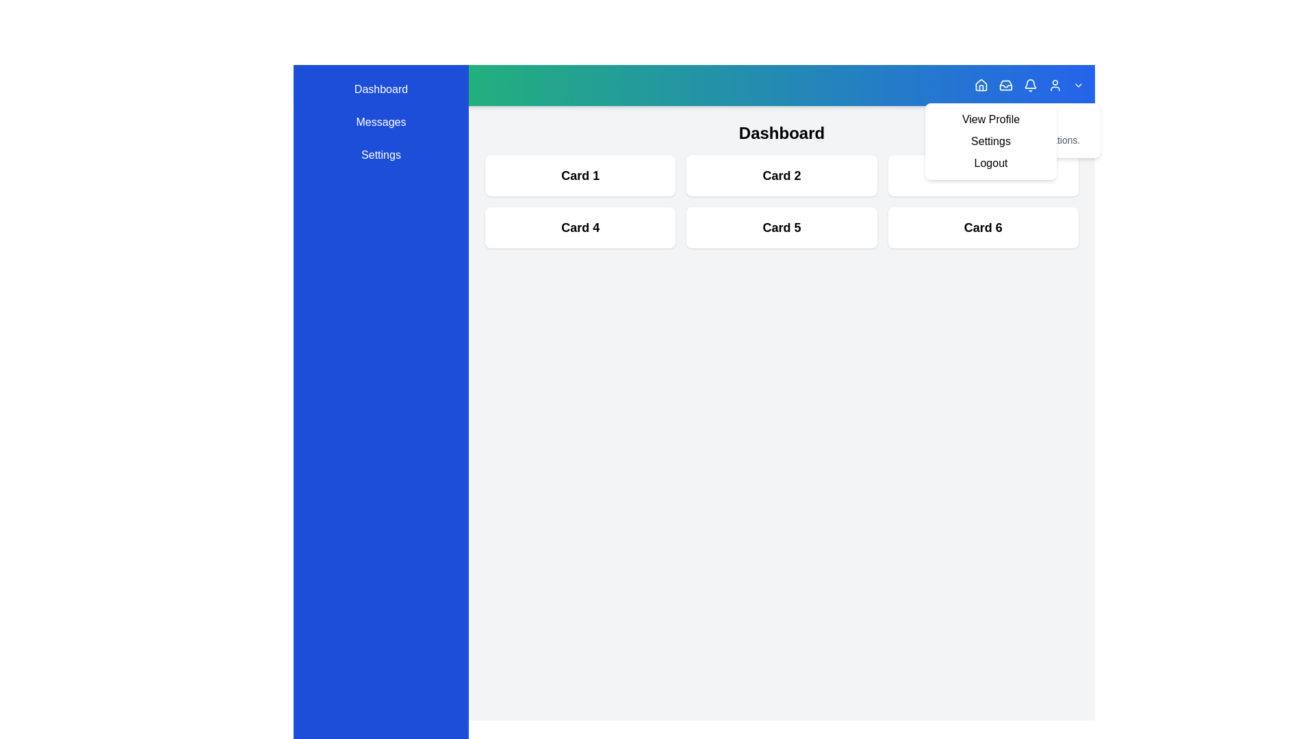  What do you see at coordinates (1029, 85) in the screenshot?
I see `the bell-shaped notification icon with a white stroke on a blue background, located in the top-right corner of the interface` at bounding box center [1029, 85].